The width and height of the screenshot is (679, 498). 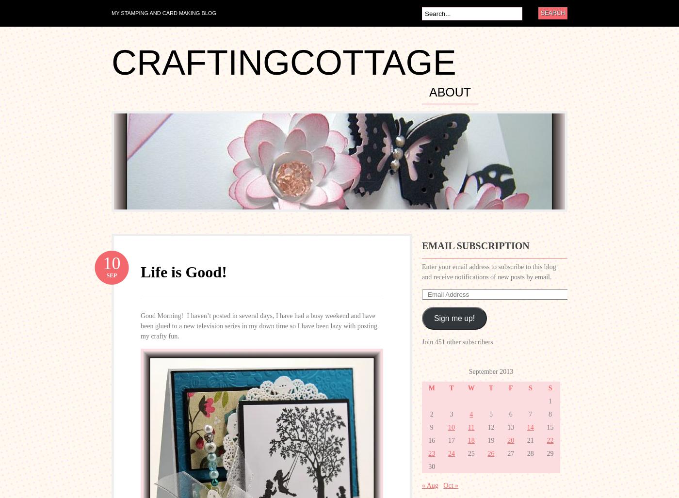 I want to click on 'craftingcottage', so click(x=284, y=62).